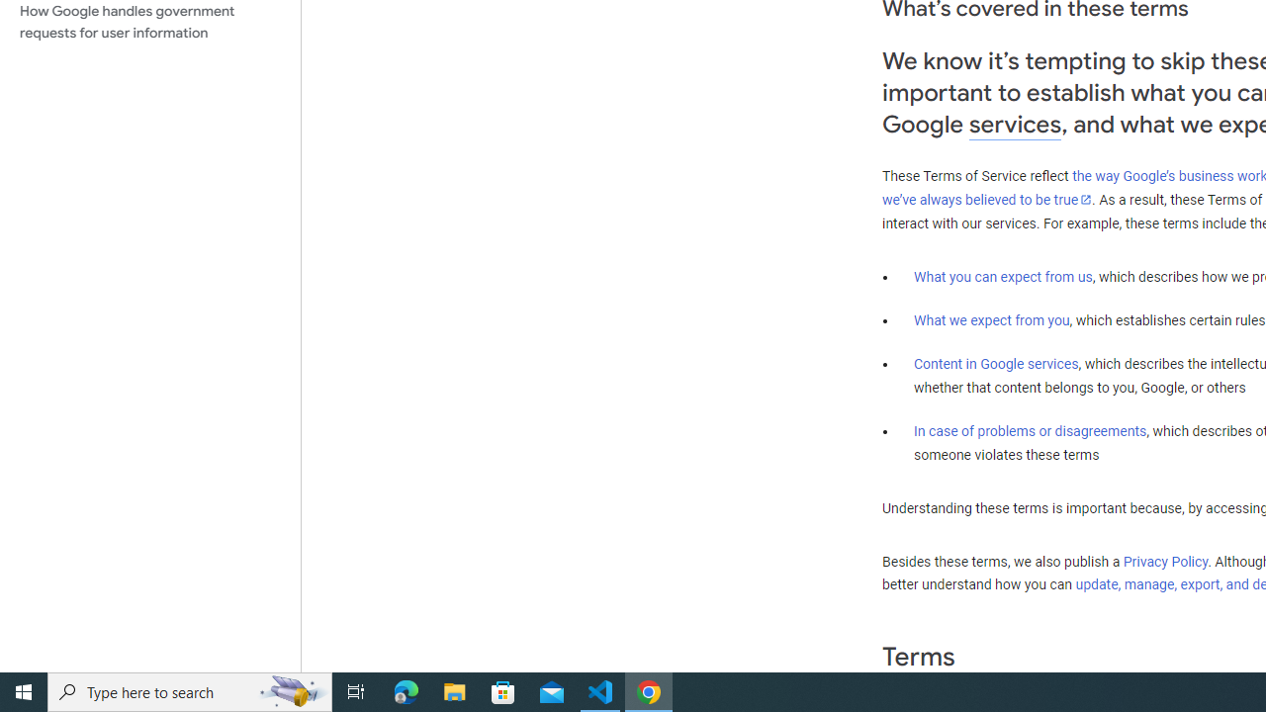 Image resolution: width=1266 pixels, height=712 pixels. Describe the element at coordinates (996, 364) in the screenshot. I see `'Content in Google services'` at that location.